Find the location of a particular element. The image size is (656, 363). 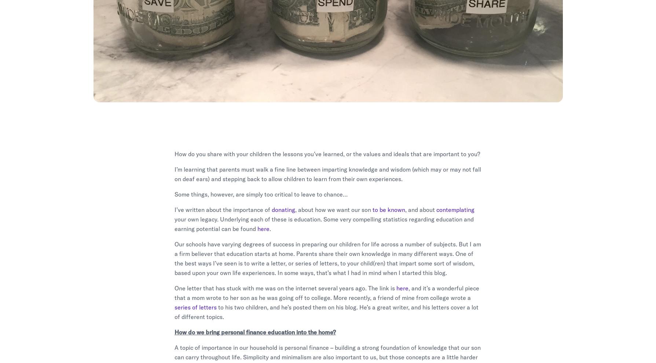

'Published March 11, 2018' is located at coordinates (173, 33).